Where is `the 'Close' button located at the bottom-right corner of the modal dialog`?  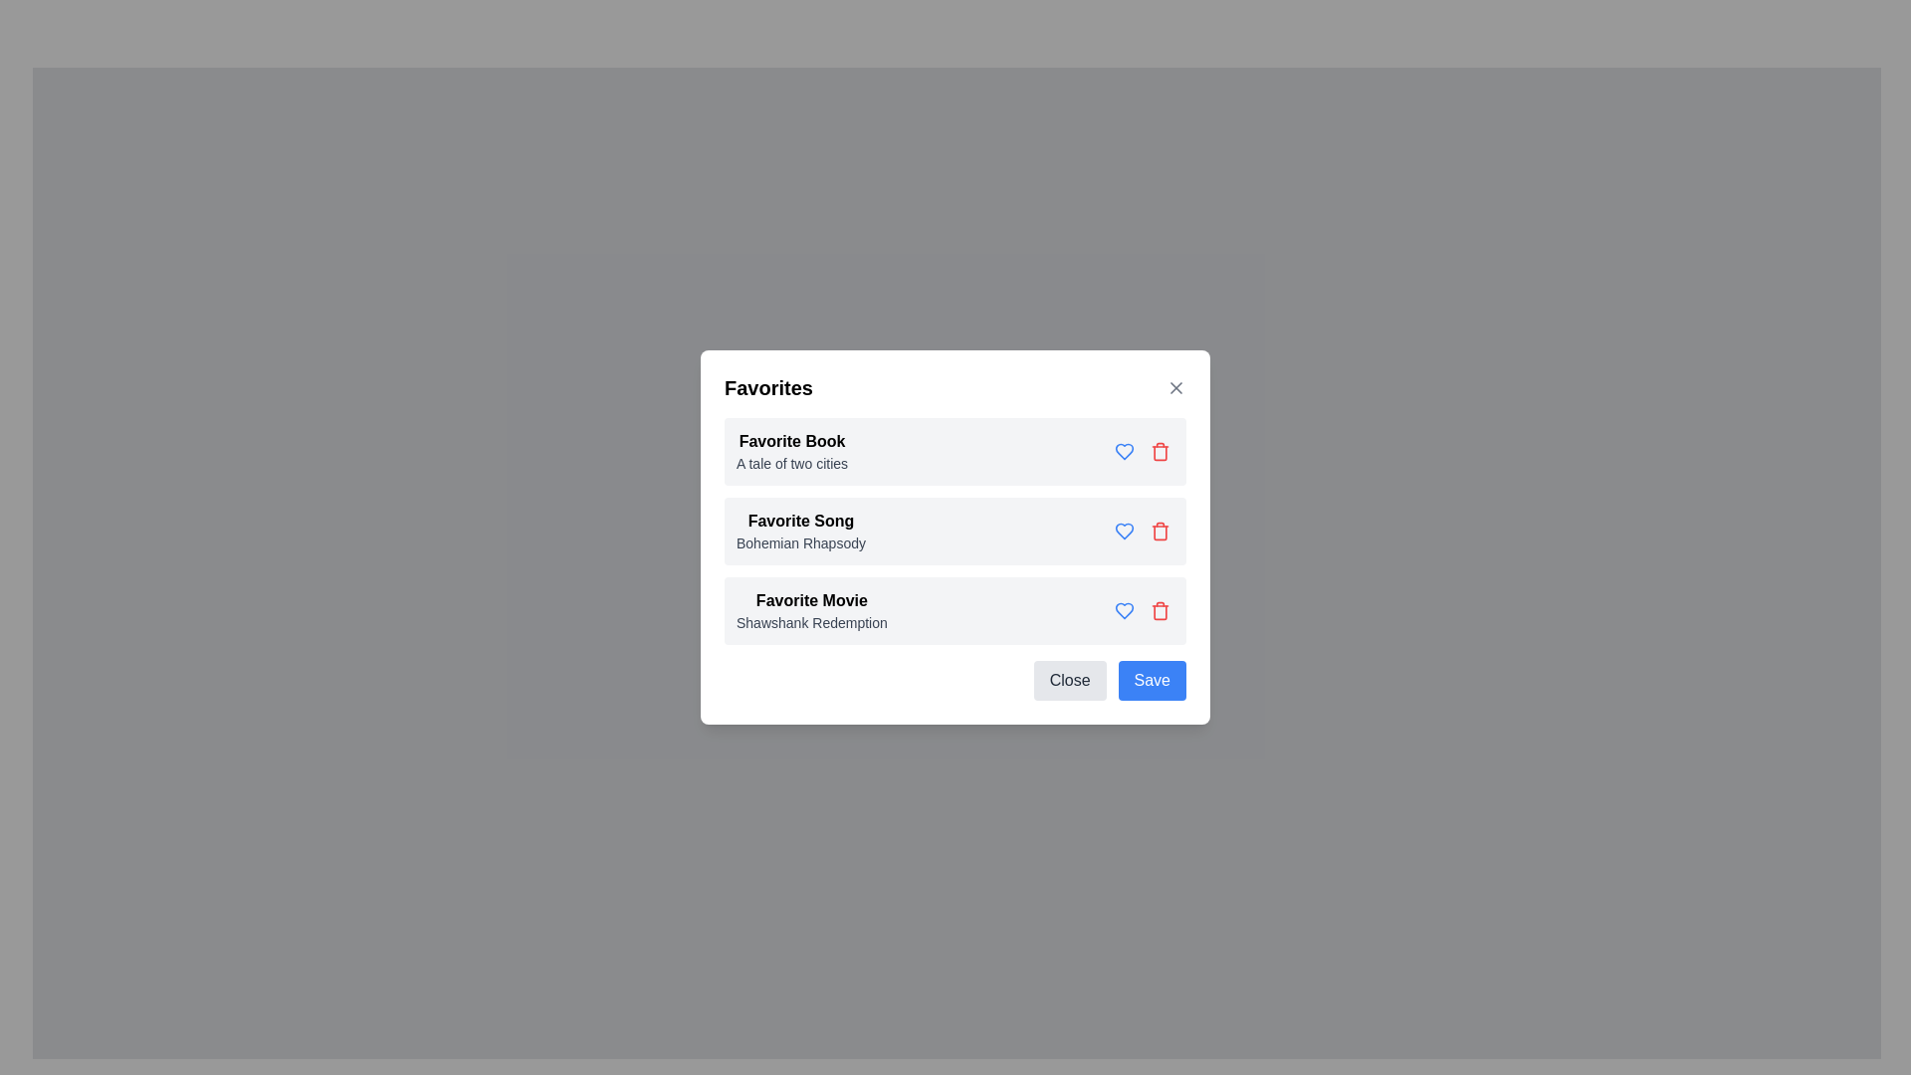 the 'Close' button located at the bottom-right corner of the modal dialog is located at coordinates (1069, 679).